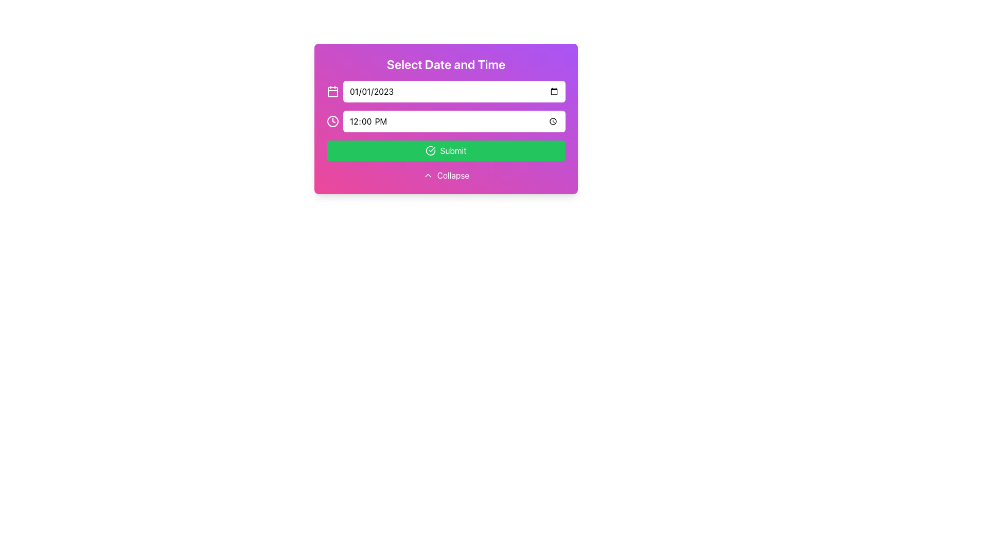  What do you see at coordinates (333, 91) in the screenshot?
I see `the main rectangular part of the calendar icon, which is an SVG element located next to the date input field at the top of the form` at bounding box center [333, 91].